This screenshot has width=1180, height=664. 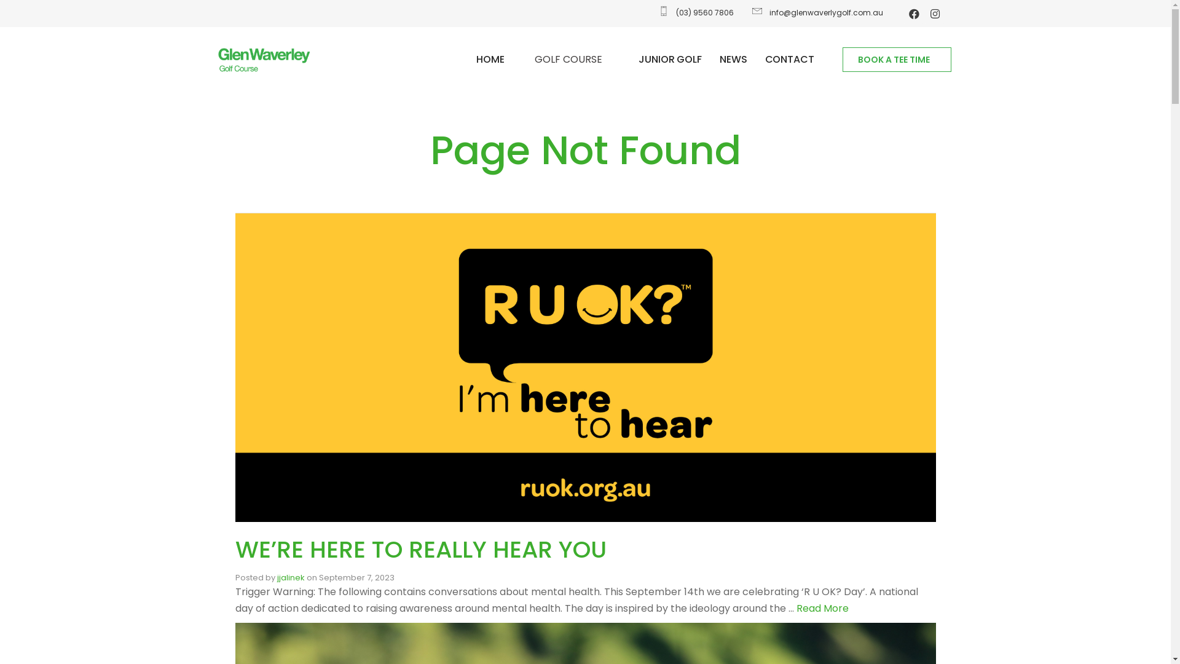 What do you see at coordinates (695, 12) in the screenshot?
I see `'(03) 9560 7806'` at bounding box center [695, 12].